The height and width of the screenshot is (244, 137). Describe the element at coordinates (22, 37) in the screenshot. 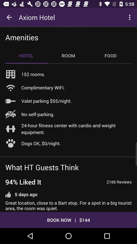

I see `the icon above the hotel item` at that location.